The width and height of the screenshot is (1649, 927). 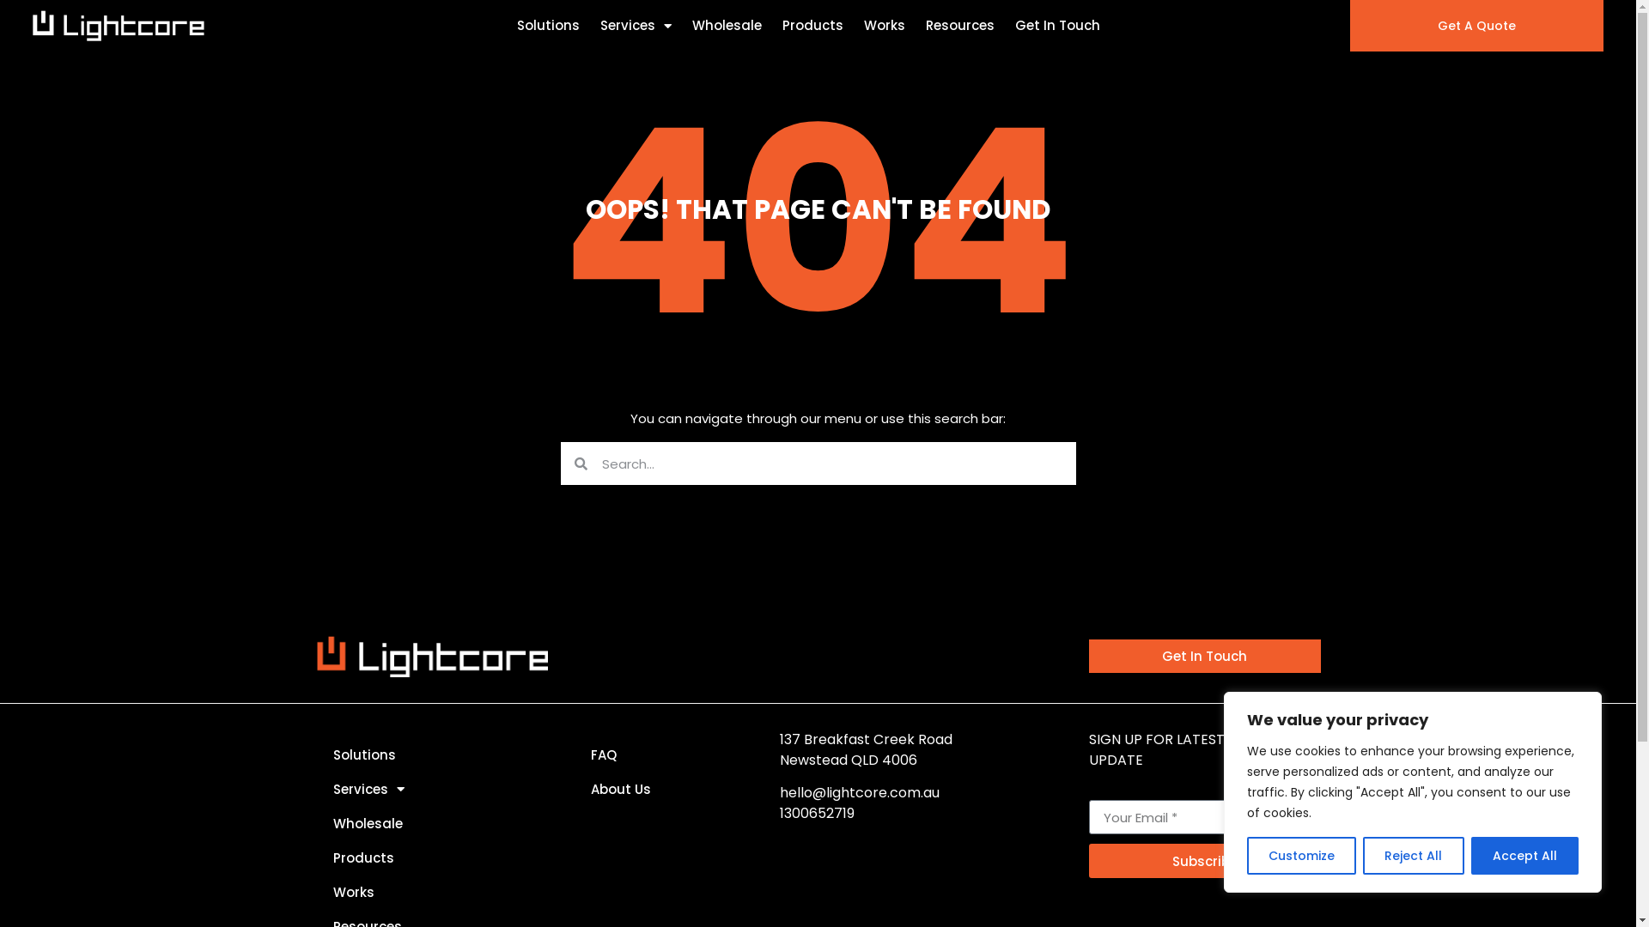 What do you see at coordinates (816, 812) in the screenshot?
I see `'1300652719'` at bounding box center [816, 812].